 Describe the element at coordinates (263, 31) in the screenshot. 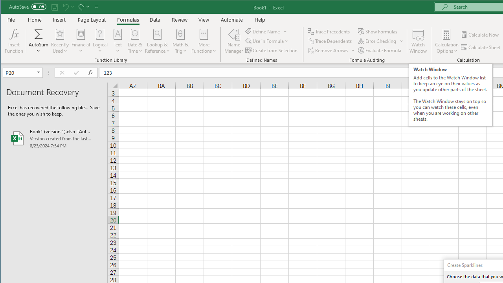

I see `'Define Name...'` at that location.